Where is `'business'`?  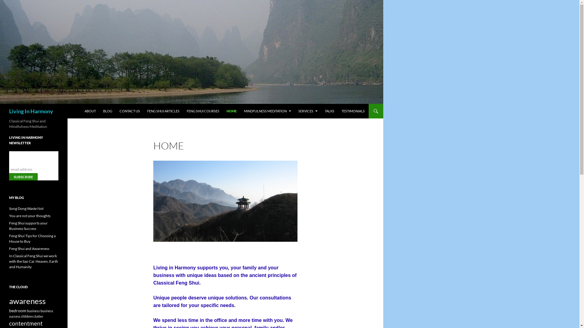 'business' is located at coordinates (27, 311).